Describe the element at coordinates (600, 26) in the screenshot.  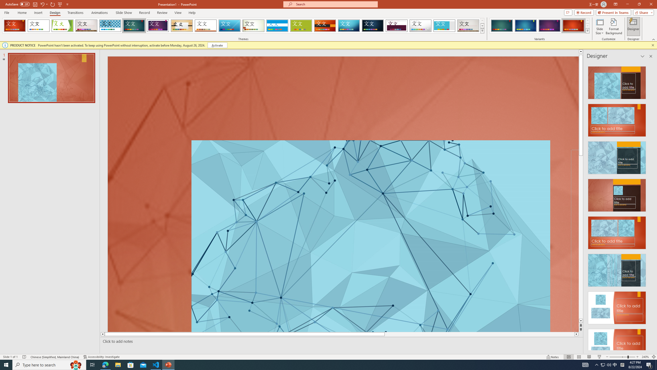
I see `'Slide Size'` at that location.